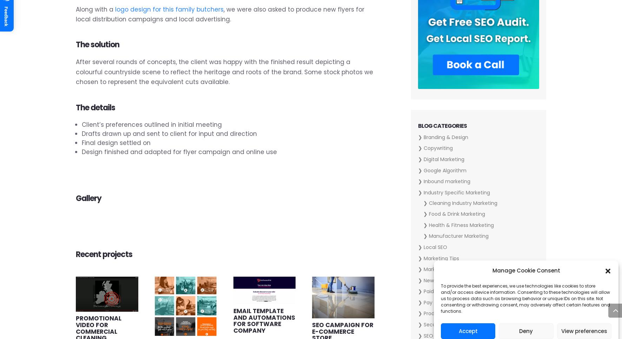  Describe the element at coordinates (441, 258) in the screenshot. I see `'Marketing Tips'` at that location.